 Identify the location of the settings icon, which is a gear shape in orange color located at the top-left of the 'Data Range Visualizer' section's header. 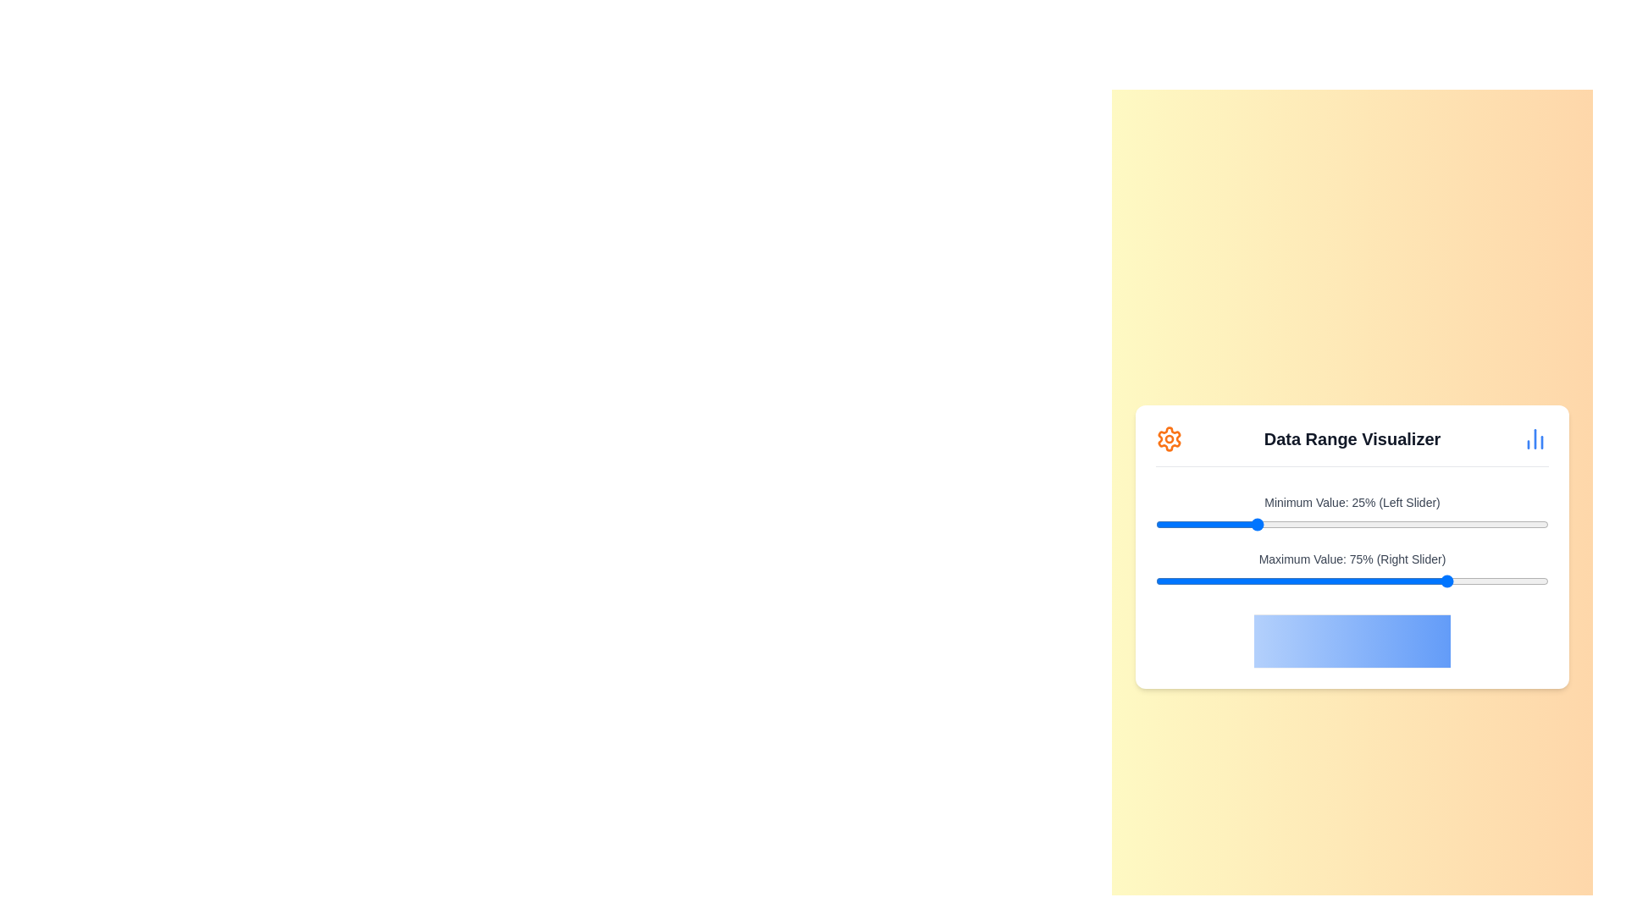
(1169, 438).